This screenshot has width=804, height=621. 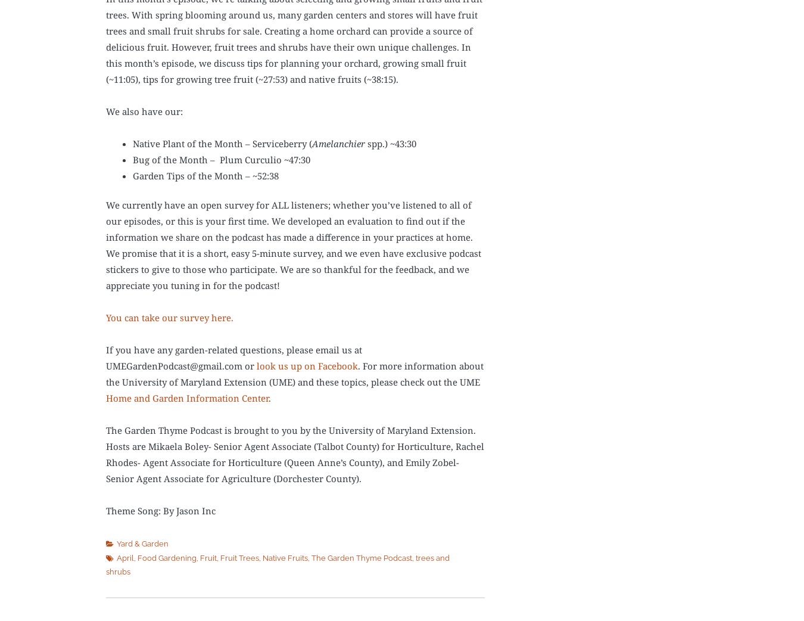 What do you see at coordinates (294, 454) in the screenshot?
I see `'The Garden Thyme Podcast is brought to you by the University of Maryland Extension. Hosts are Mikaela Boley- Senior Agent Associate (Talbot County) for Horticulture, Rachel Rhodes- Agent Associate for Horticulture (Queen Anne’s County), and Emily Zobel-Senior Agent Associate for Agriculture (Dorchester County).'` at bounding box center [294, 454].